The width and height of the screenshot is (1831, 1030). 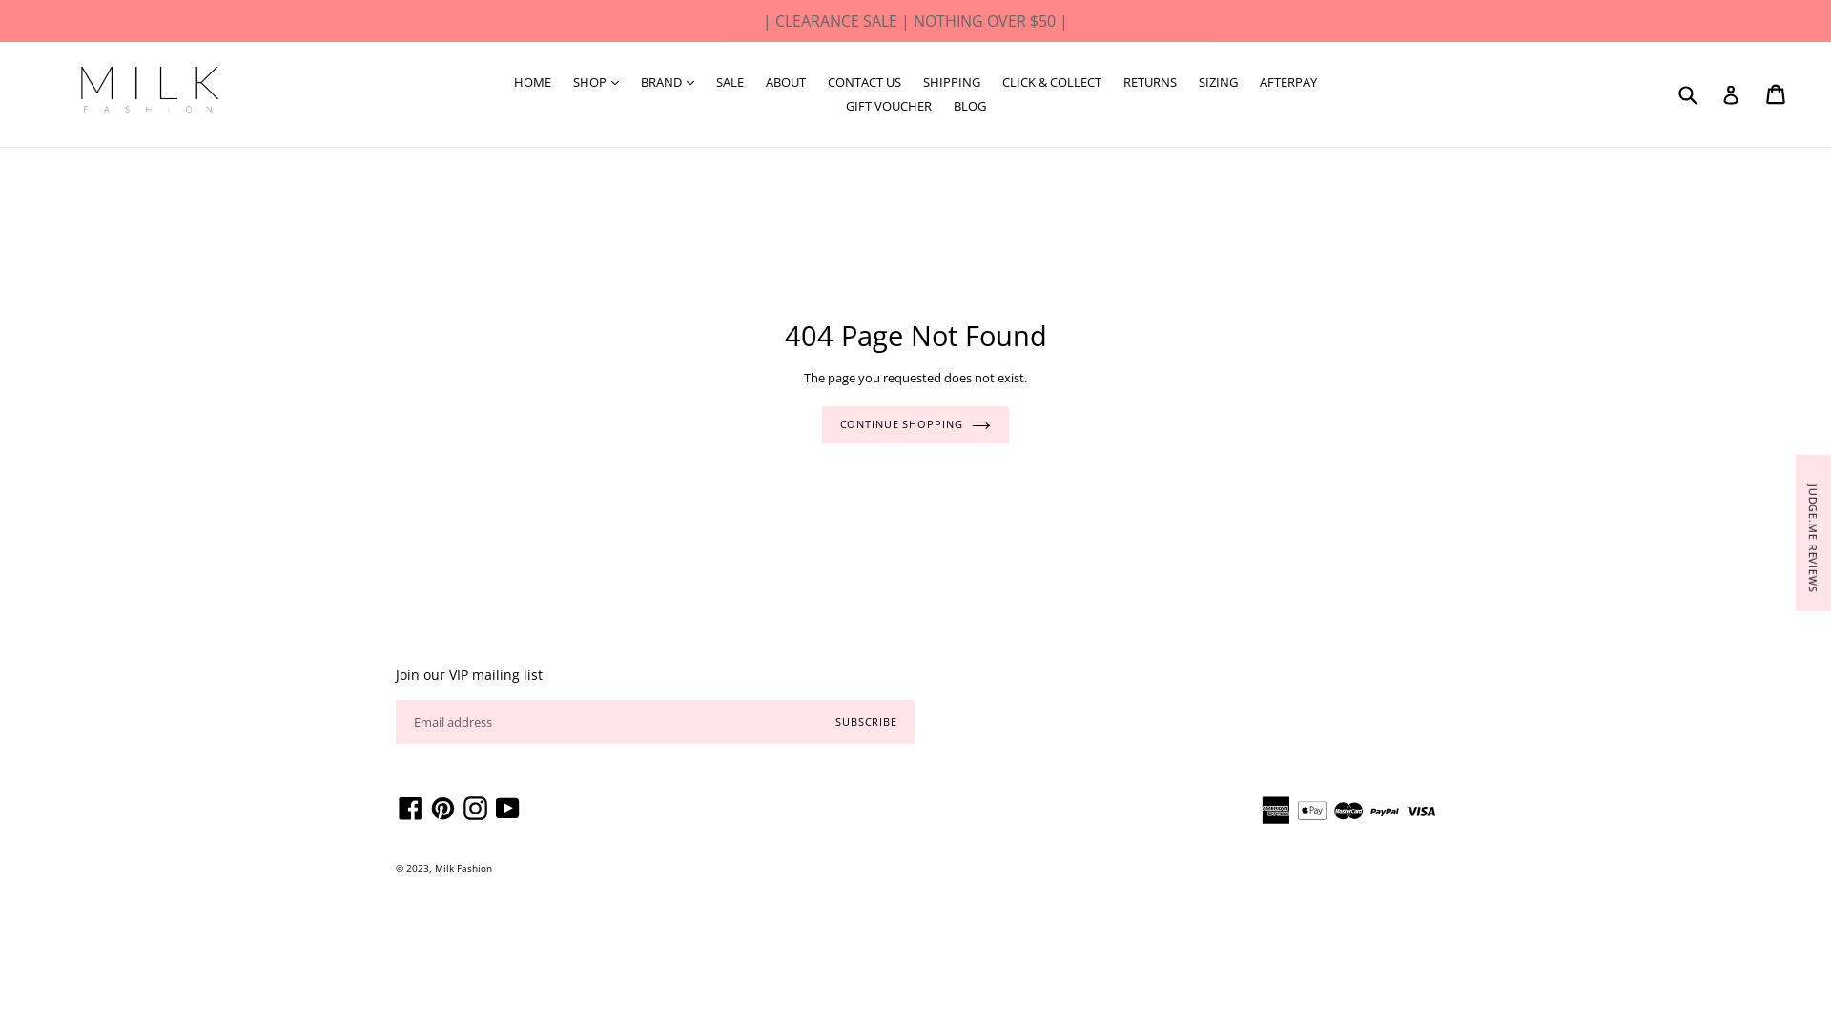 What do you see at coordinates (834, 106) in the screenshot?
I see `'GIFT VOUCHER'` at bounding box center [834, 106].